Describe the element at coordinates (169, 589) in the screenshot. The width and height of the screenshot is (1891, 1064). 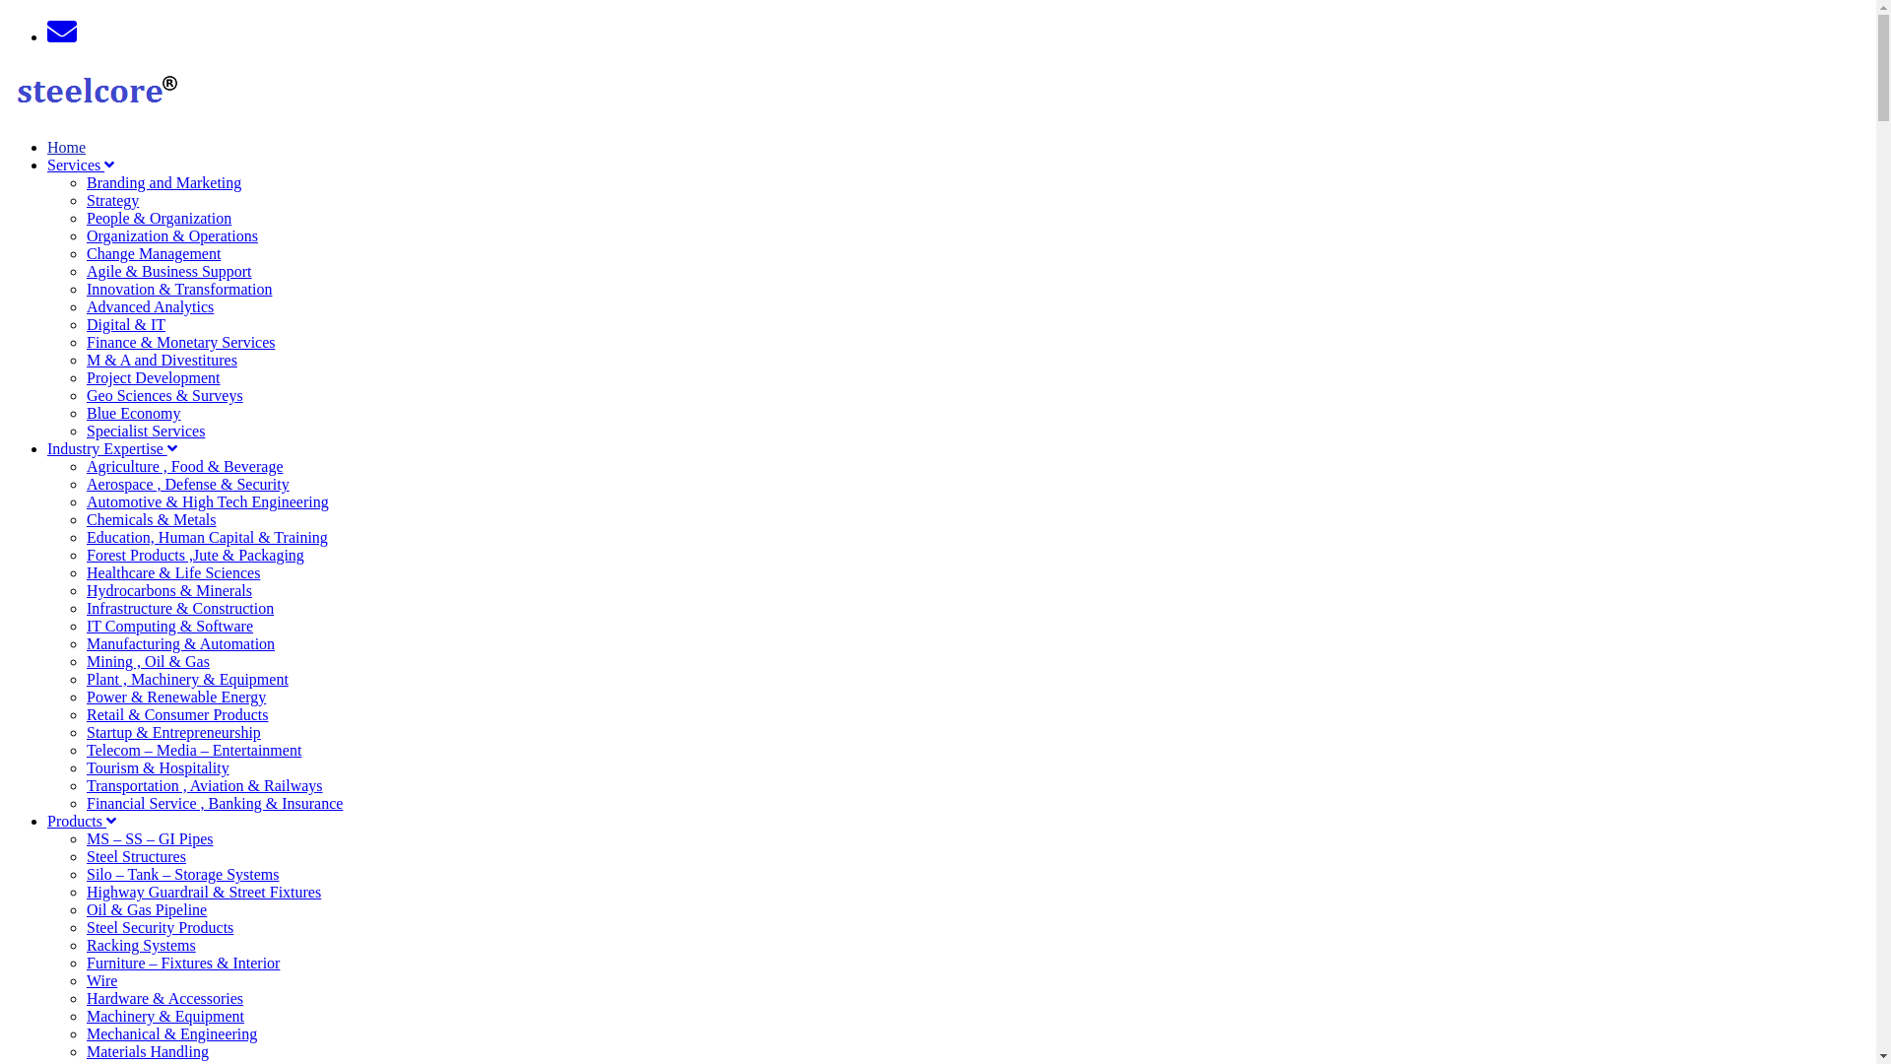
I see `'Hydrocarbons & Minerals'` at that location.